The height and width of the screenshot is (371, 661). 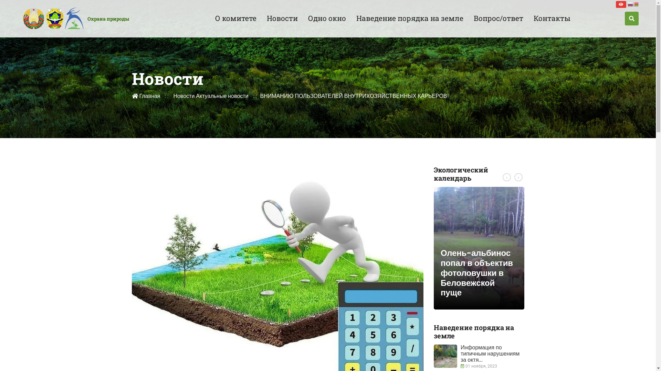 What do you see at coordinates (630, 4) in the screenshot?
I see `'Russian'` at bounding box center [630, 4].